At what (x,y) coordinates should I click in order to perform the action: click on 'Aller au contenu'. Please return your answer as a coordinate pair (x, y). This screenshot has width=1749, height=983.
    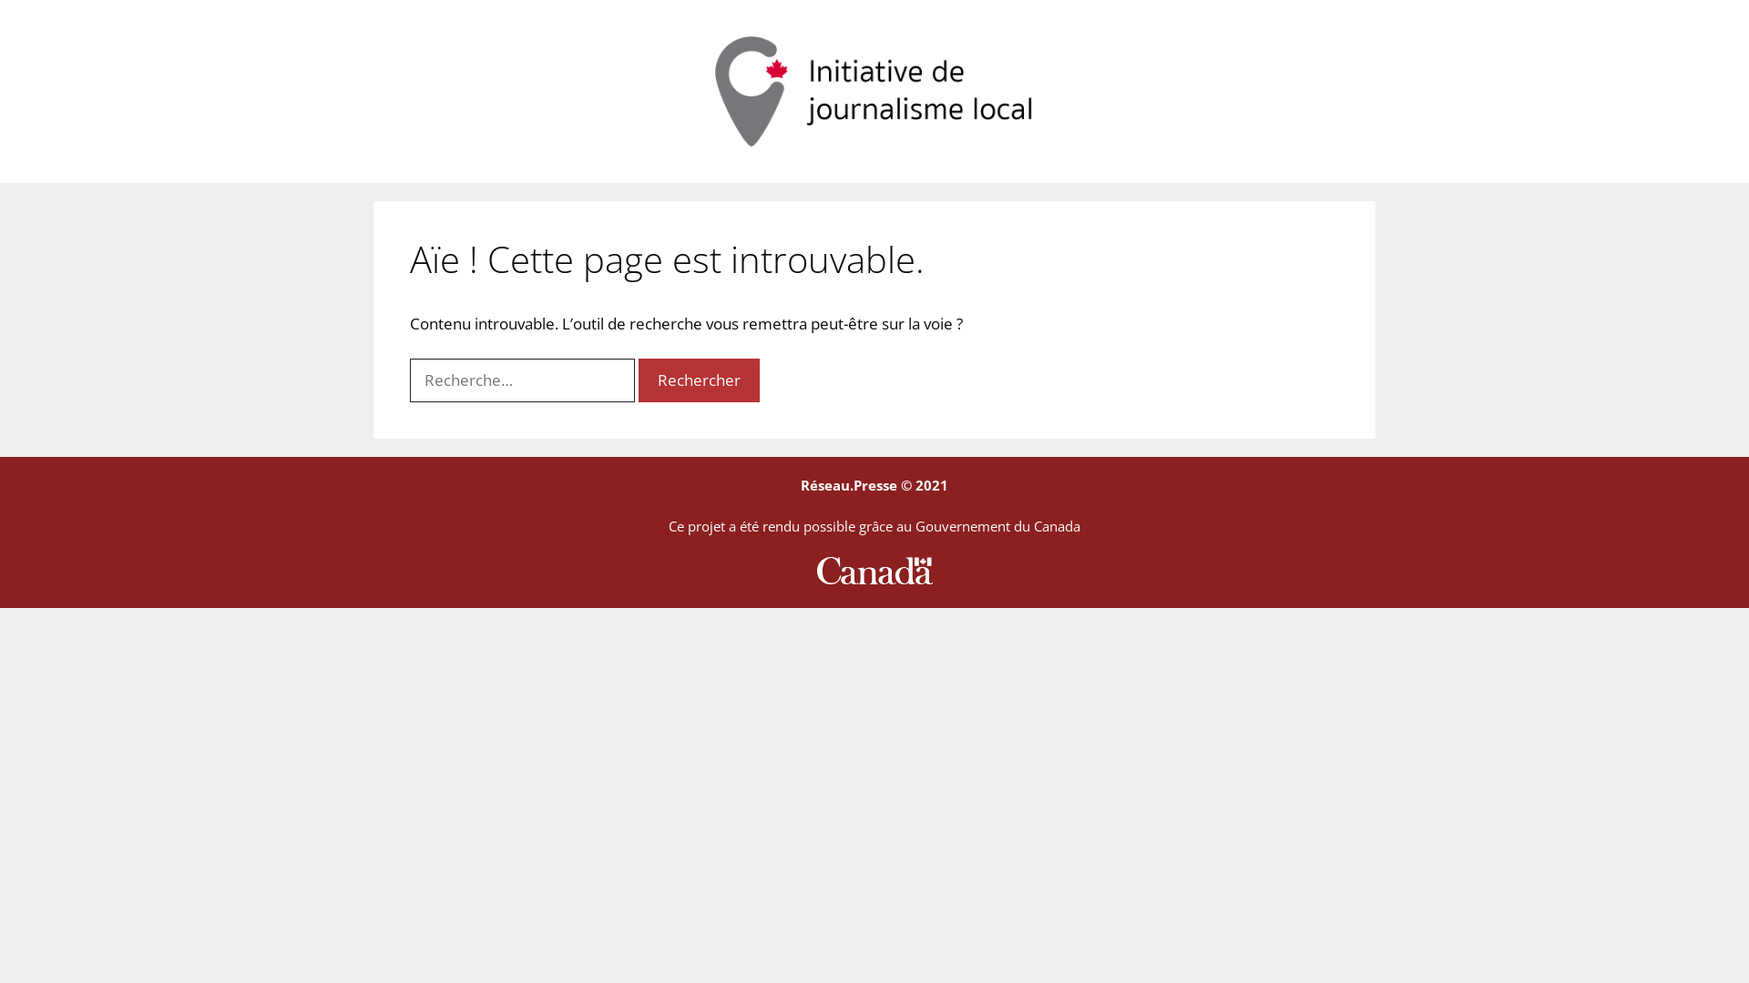
    Looking at the image, I should click on (0, 0).